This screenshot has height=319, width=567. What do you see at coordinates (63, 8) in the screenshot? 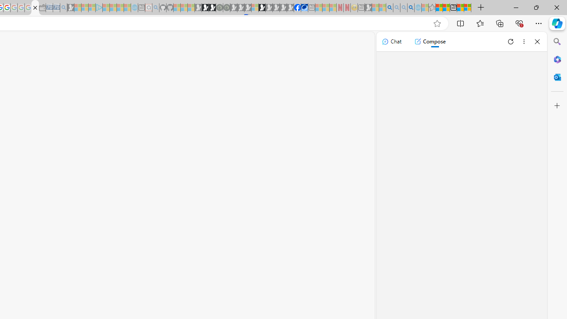
I see `'Bing Real Estate - Home sales and rental listings - Sleeping'` at bounding box center [63, 8].